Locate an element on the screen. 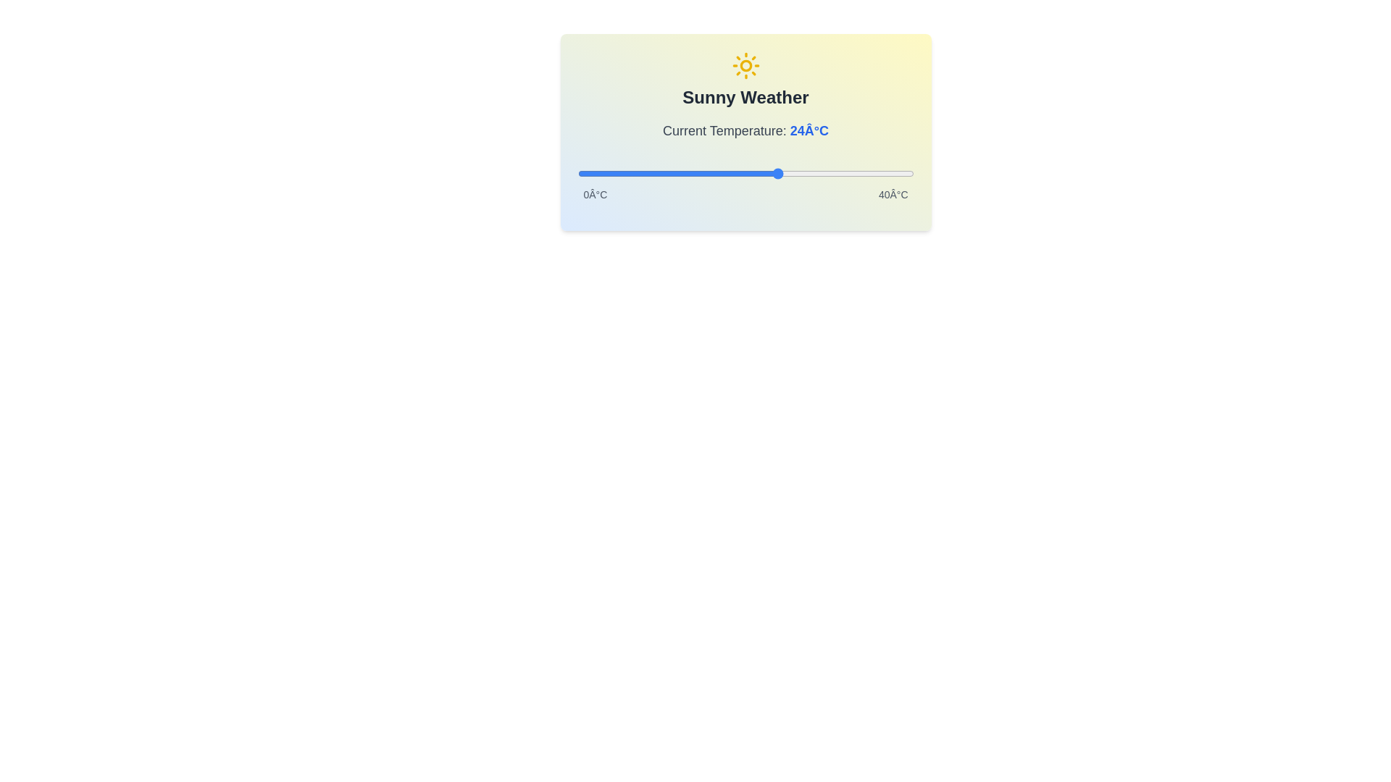 Image resolution: width=1391 pixels, height=782 pixels. the temperature slider is located at coordinates (770, 172).